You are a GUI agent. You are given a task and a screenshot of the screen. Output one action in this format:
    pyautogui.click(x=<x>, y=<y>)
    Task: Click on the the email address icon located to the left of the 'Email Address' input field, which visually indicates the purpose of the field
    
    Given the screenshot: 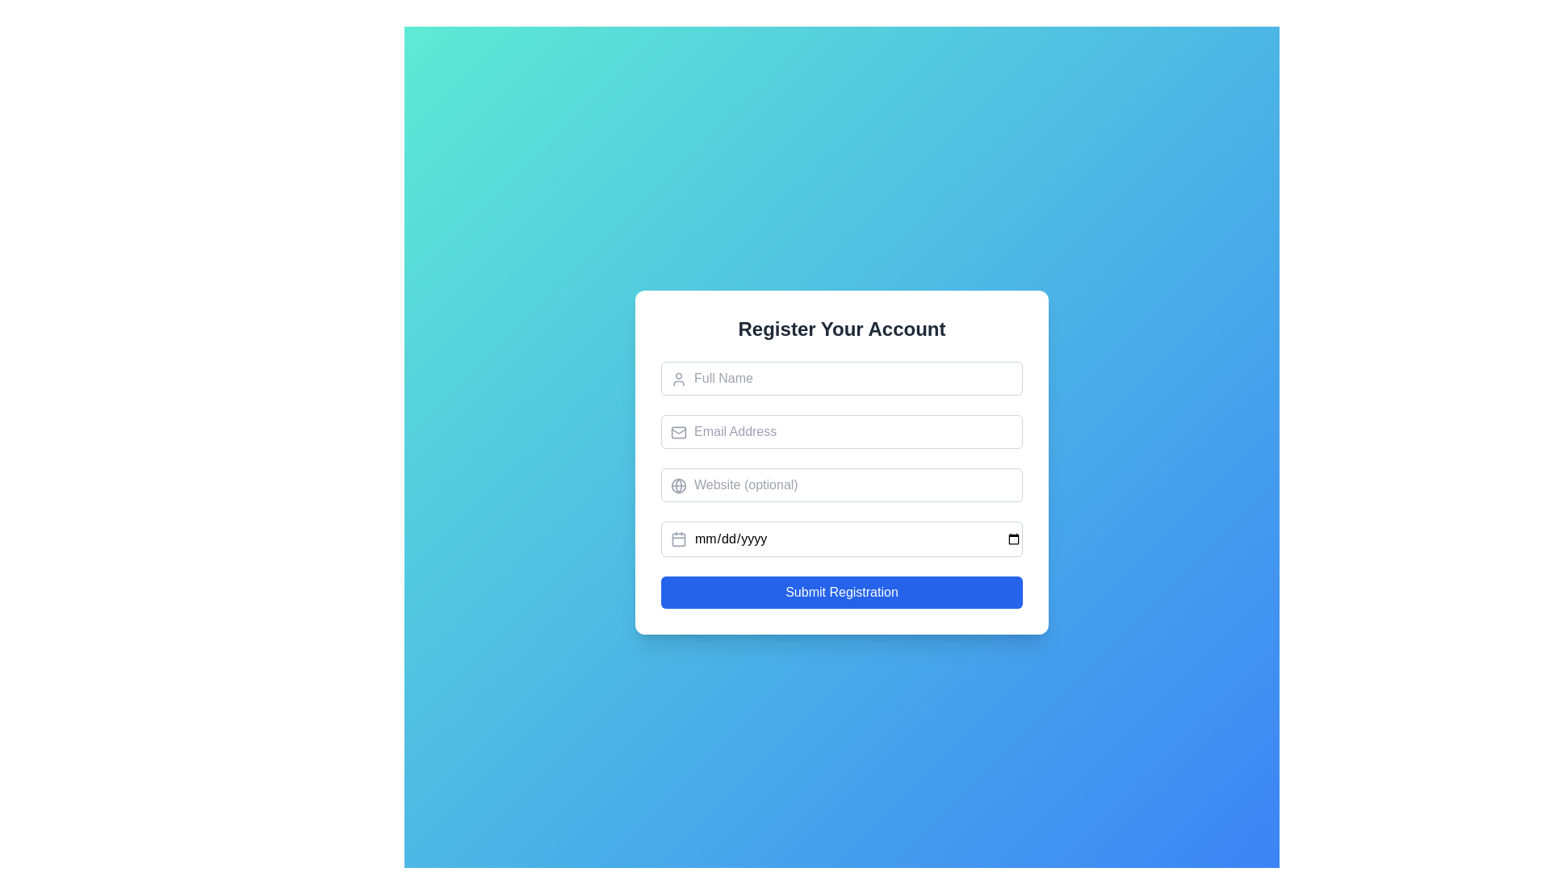 What is the action you would take?
    pyautogui.click(x=678, y=432)
    